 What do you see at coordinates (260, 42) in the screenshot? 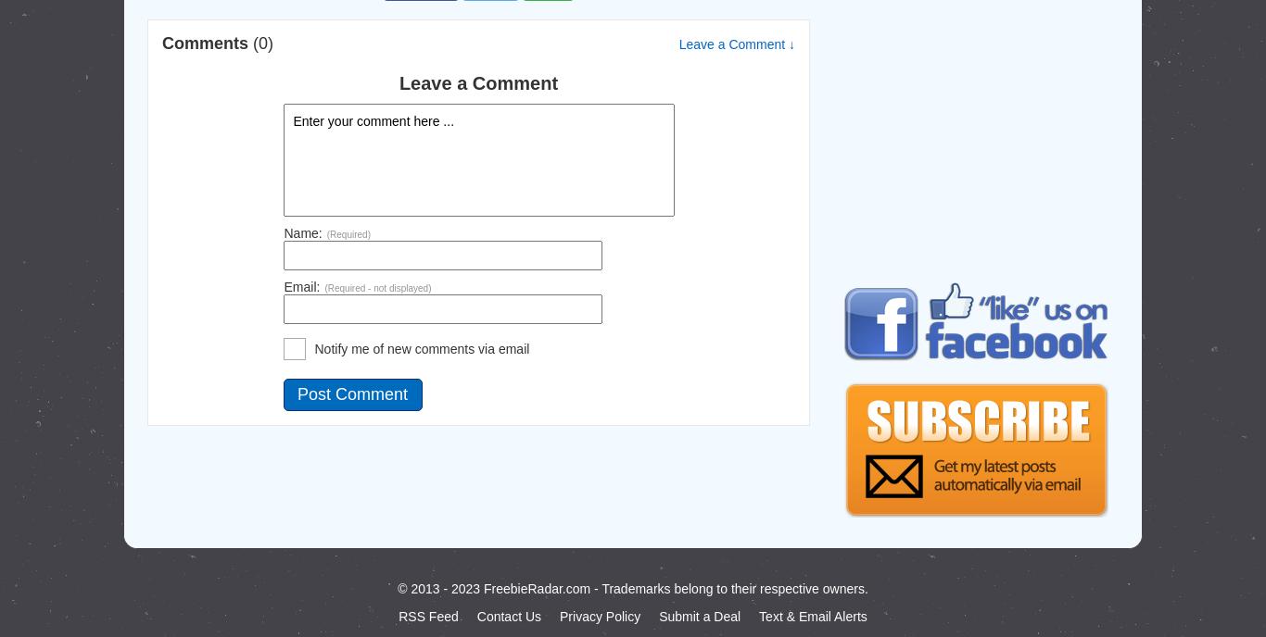
I see `'(0)'` at bounding box center [260, 42].